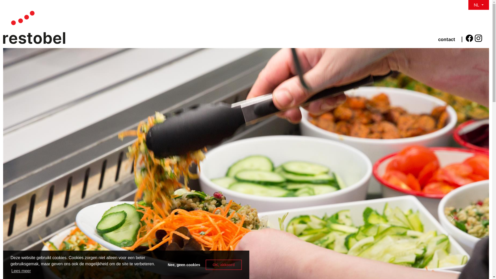 The height and width of the screenshot is (279, 496). Describe the element at coordinates (223, 265) in the screenshot. I see `'OK, akkoord'` at that location.